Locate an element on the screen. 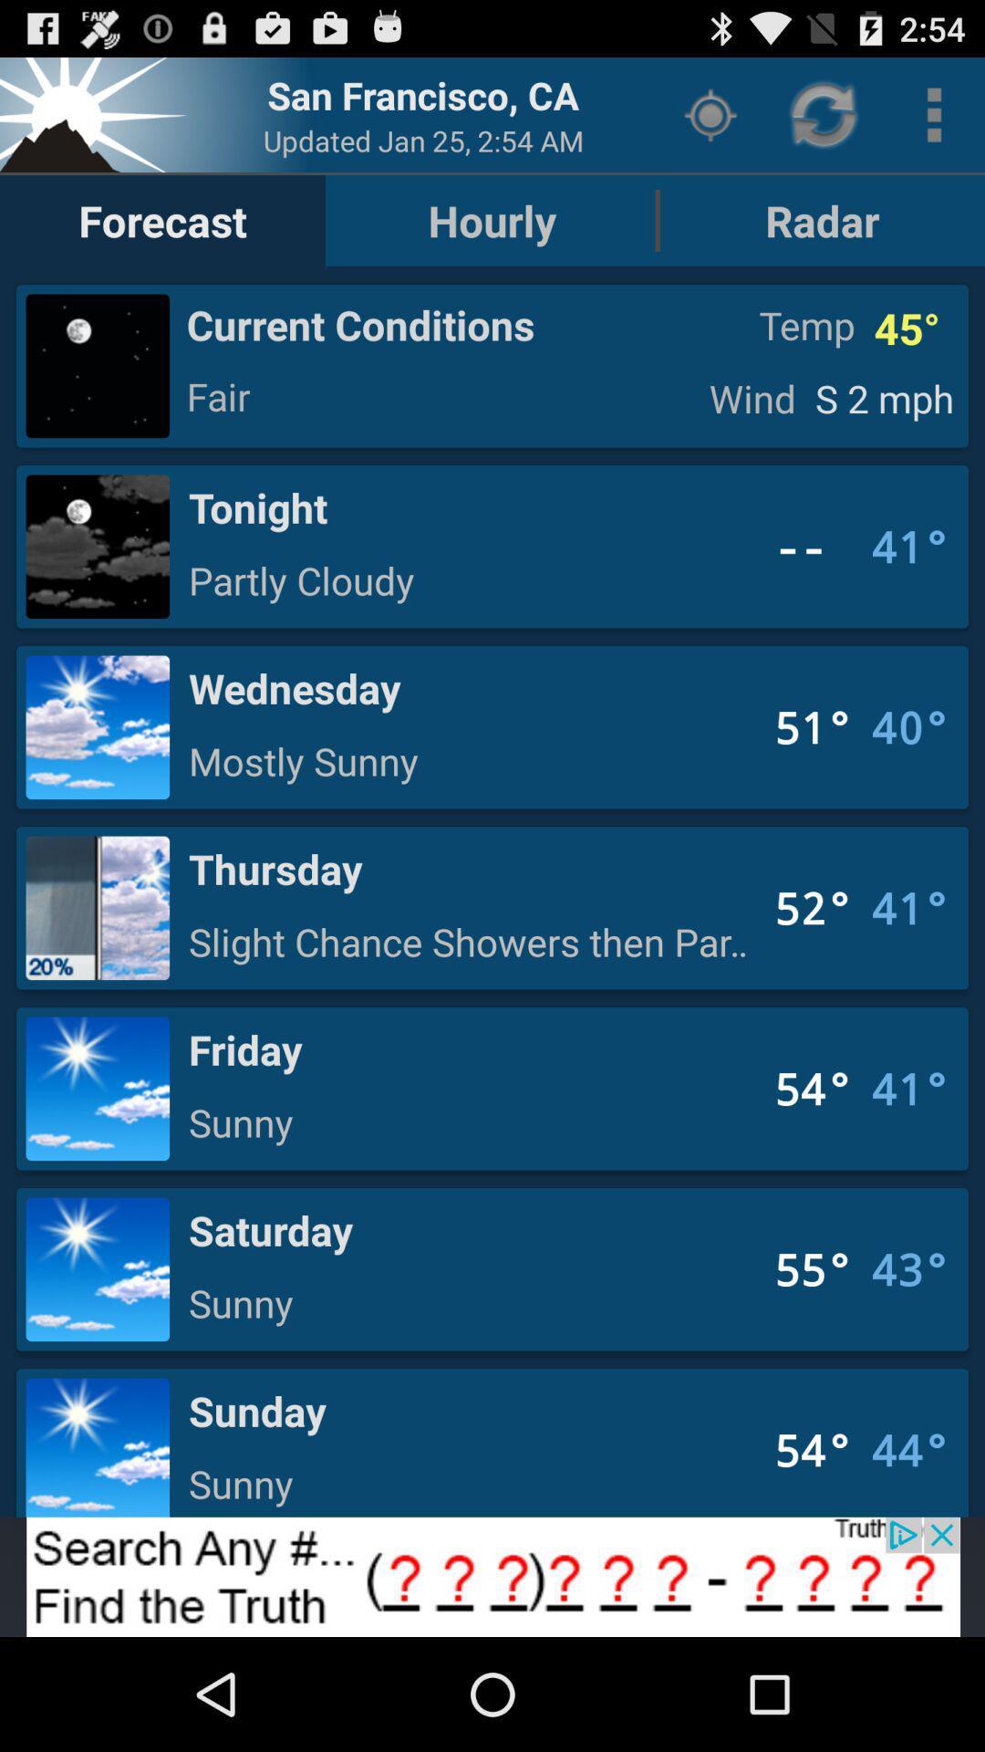  click on add is located at coordinates (493, 1576).